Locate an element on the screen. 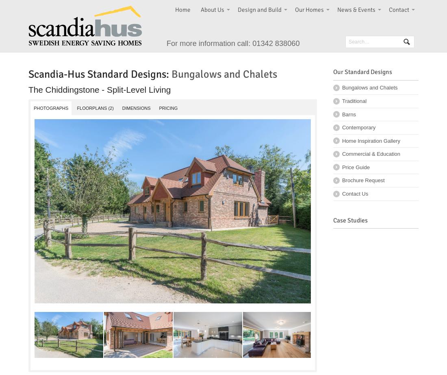 This screenshot has width=447, height=375. 'Contact' is located at coordinates (398, 9).